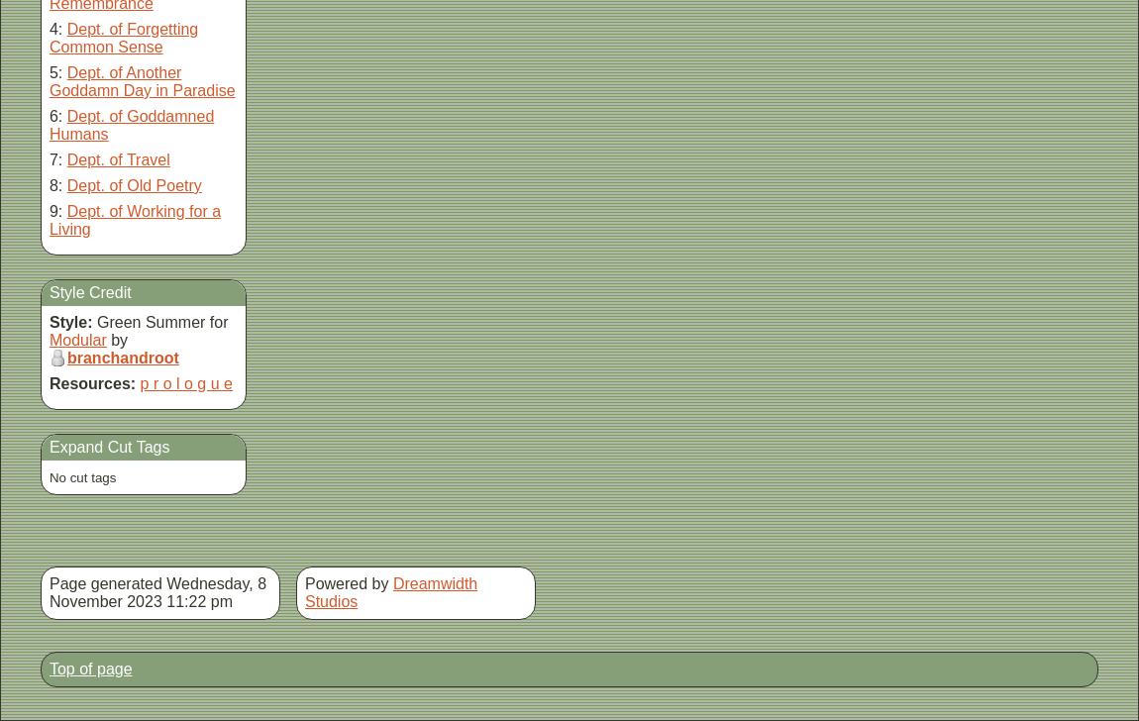 The height and width of the screenshot is (721, 1139). I want to click on 'Dept. of Another Goddamn Day in Paradise', so click(140, 81).